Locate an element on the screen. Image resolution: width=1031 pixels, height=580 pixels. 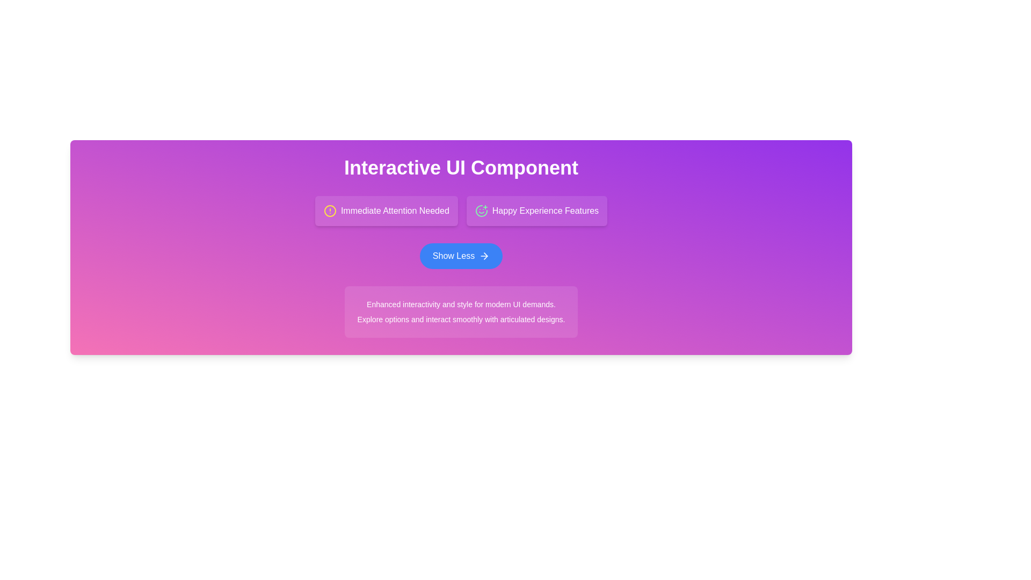
the right-pointing arrow icon within the blue 'Show Less' button, which is centrally aligned and positioned to the right of the button's label text is located at coordinates (484, 256).